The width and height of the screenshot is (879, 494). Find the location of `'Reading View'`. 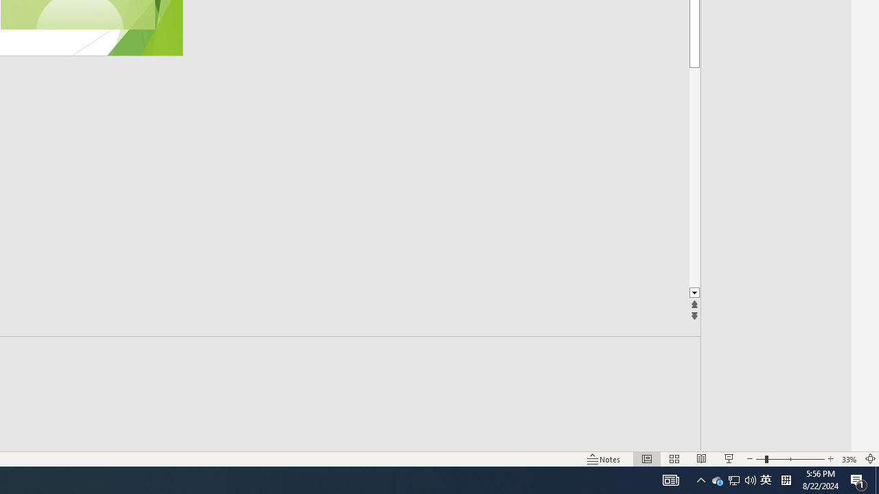

'Reading View' is located at coordinates (702, 459).